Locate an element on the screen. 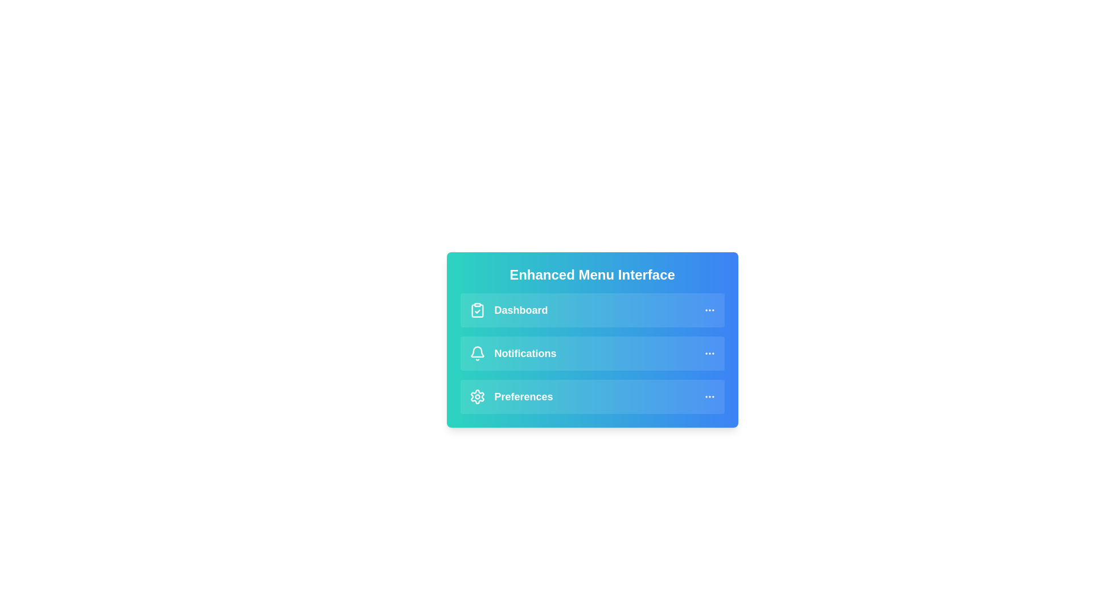  the button with the gradient background labeled 'Enhanced Menu Interface' is located at coordinates (592, 339).